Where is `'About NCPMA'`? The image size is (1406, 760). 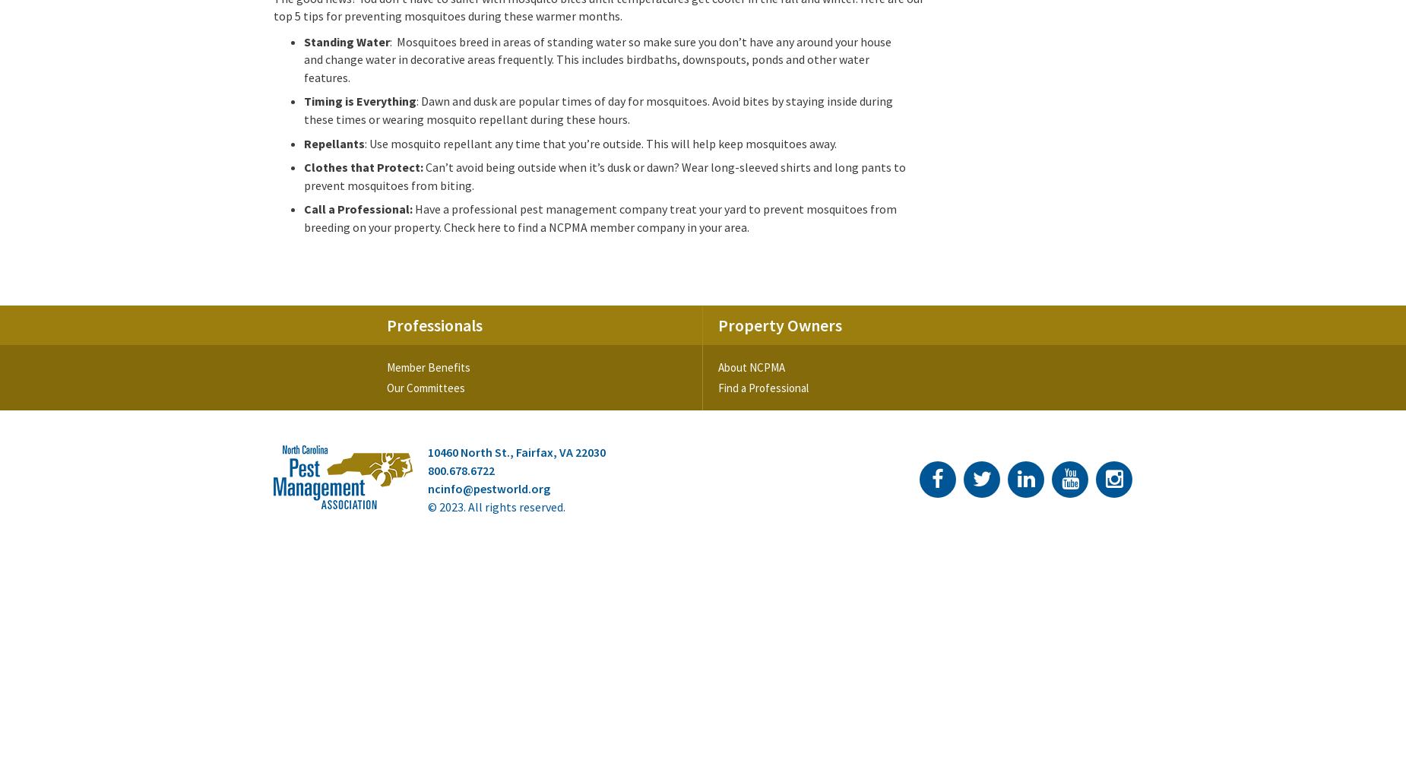 'About NCPMA' is located at coordinates (751, 366).